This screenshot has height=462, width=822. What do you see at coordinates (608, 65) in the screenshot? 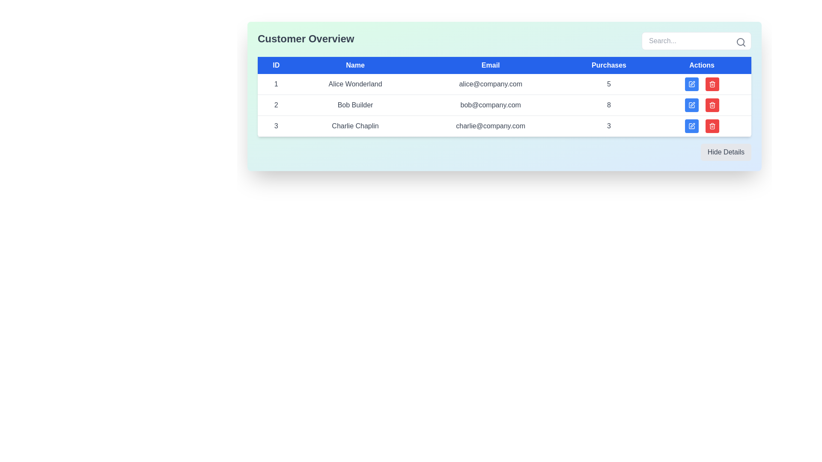
I see `the 'Purchases' column header to sort the data in the table` at bounding box center [608, 65].